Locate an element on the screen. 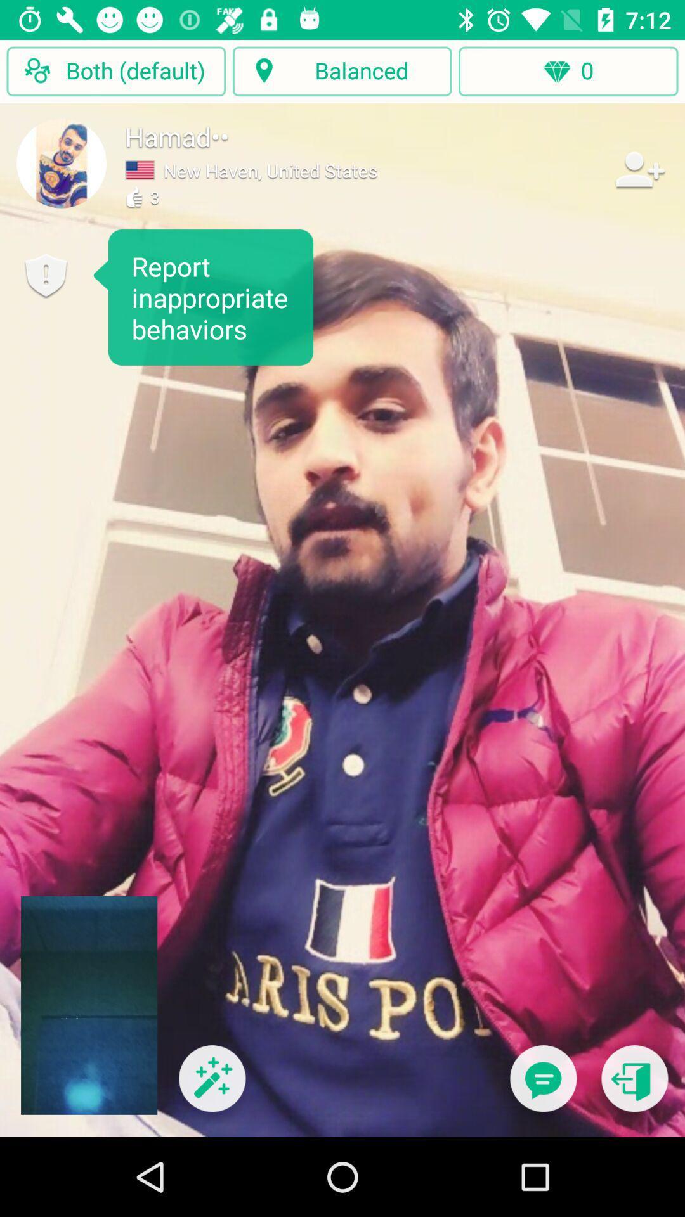 This screenshot has height=1217, width=685. the icon above report inappropriate behaviors item is located at coordinates (62, 162).